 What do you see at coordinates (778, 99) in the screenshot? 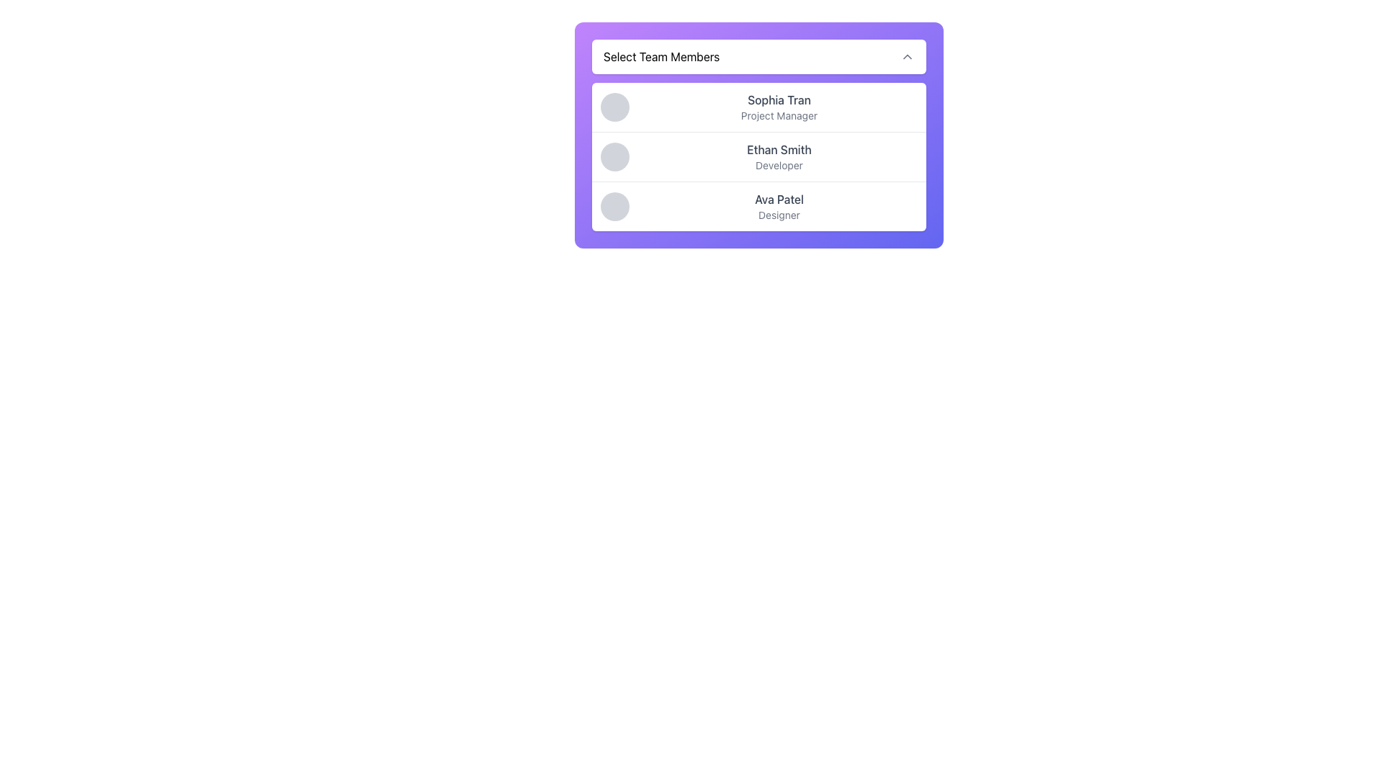
I see `the Text Label displaying the name of the individual associated with the current list item, located in the 'Select Team Members' section, right of the profile avatar icon` at bounding box center [778, 99].